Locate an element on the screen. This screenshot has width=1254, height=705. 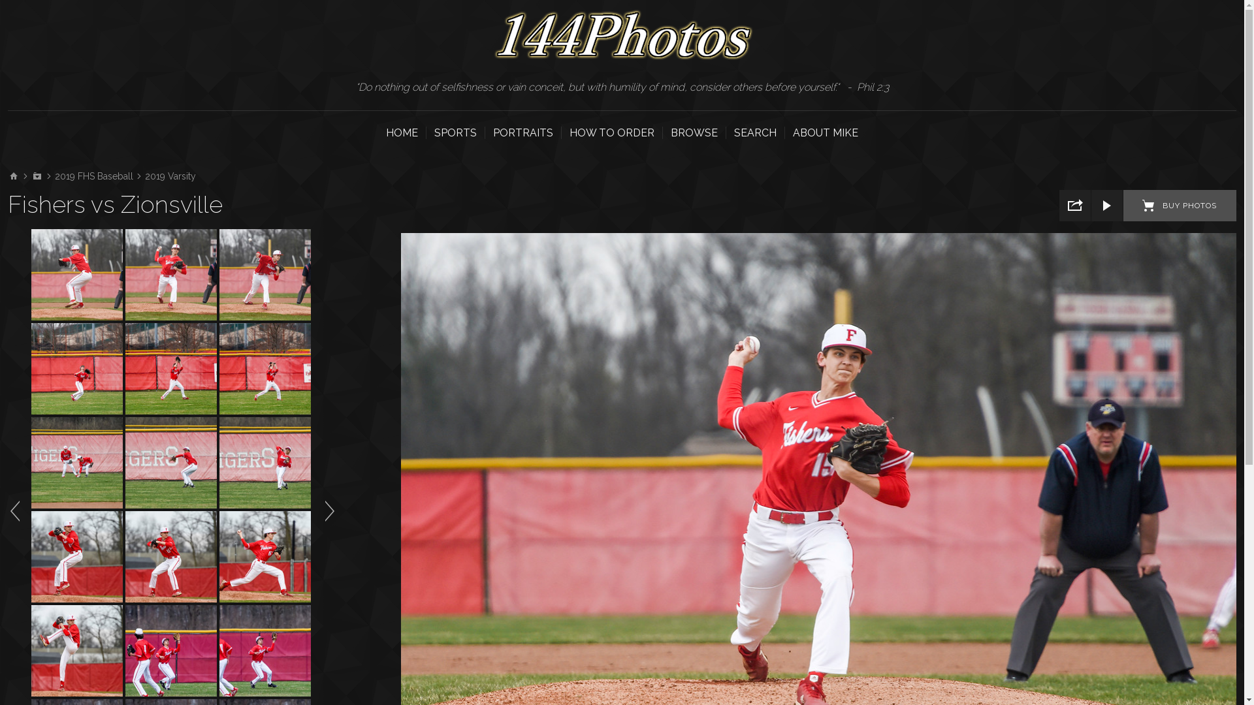
'SEARCH' is located at coordinates (755, 133).